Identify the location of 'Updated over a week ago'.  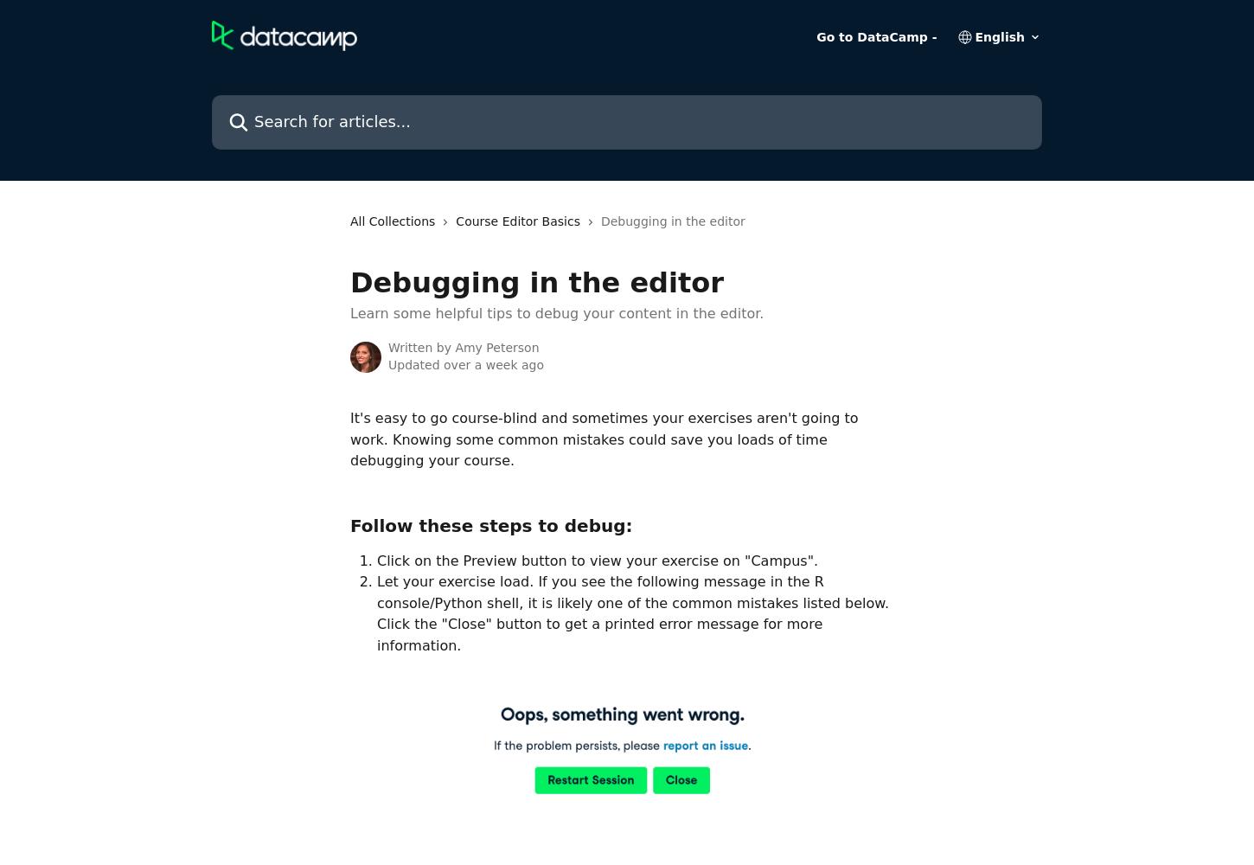
(465, 364).